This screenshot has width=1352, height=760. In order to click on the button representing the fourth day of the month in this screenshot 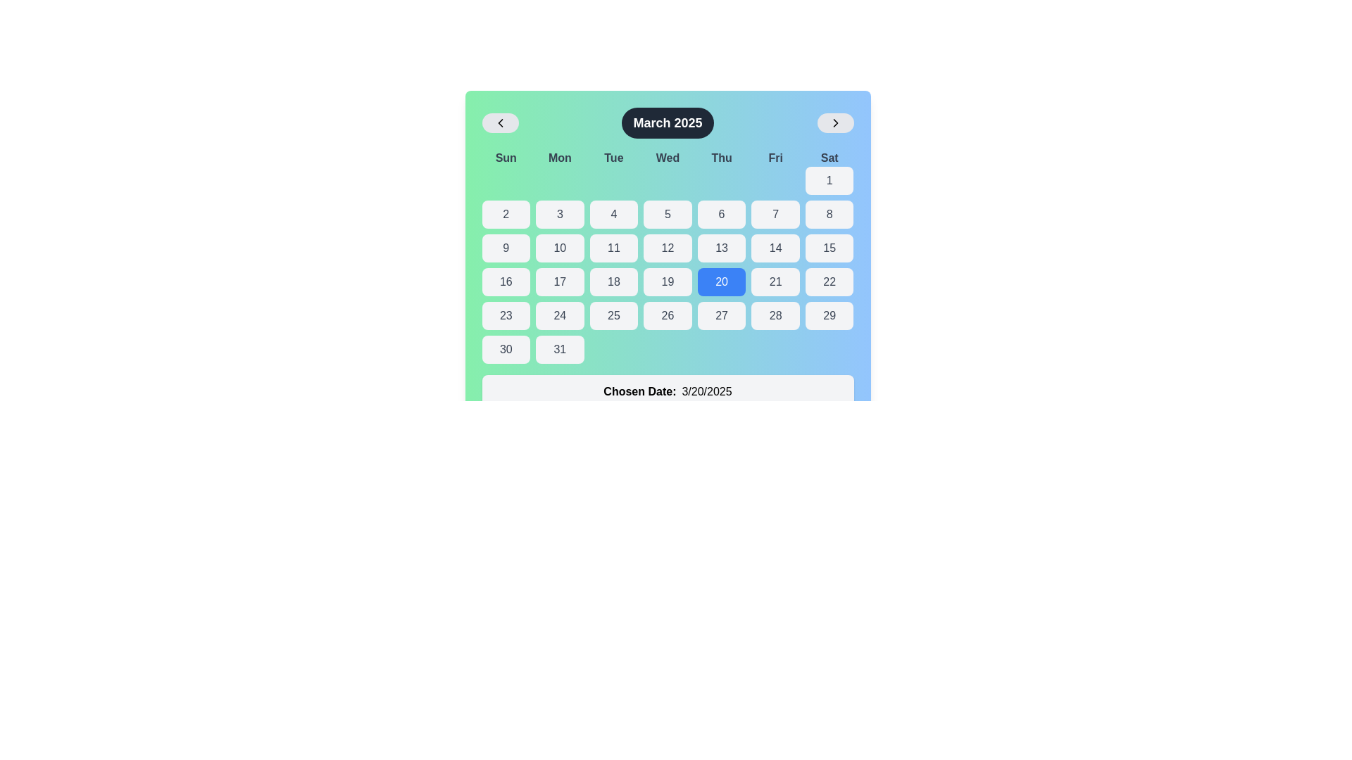, I will do `click(613, 214)`.